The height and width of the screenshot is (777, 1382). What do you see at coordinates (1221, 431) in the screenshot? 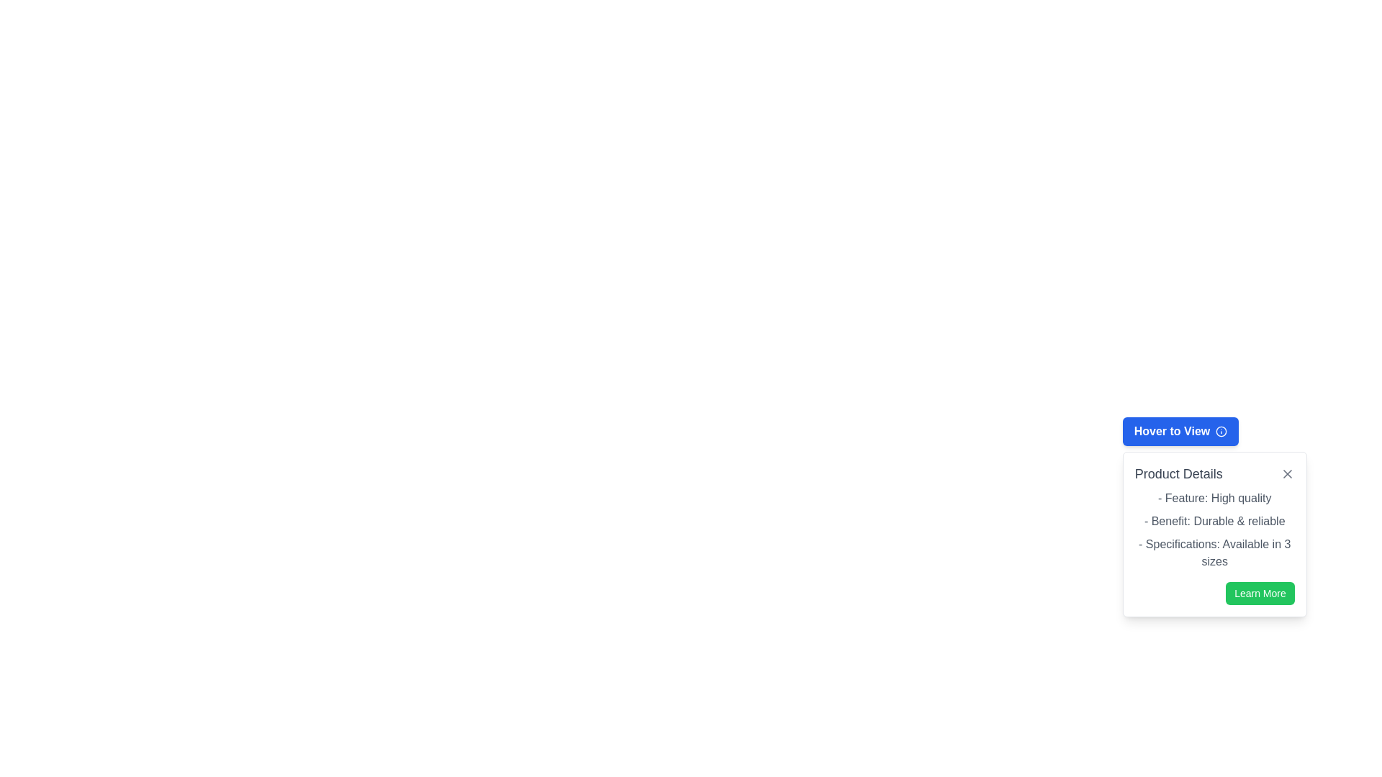
I see `the small circular informational icon with an 'i' in the center, located on the right side of the blue button labeled 'Hover` at bounding box center [1221, 431].